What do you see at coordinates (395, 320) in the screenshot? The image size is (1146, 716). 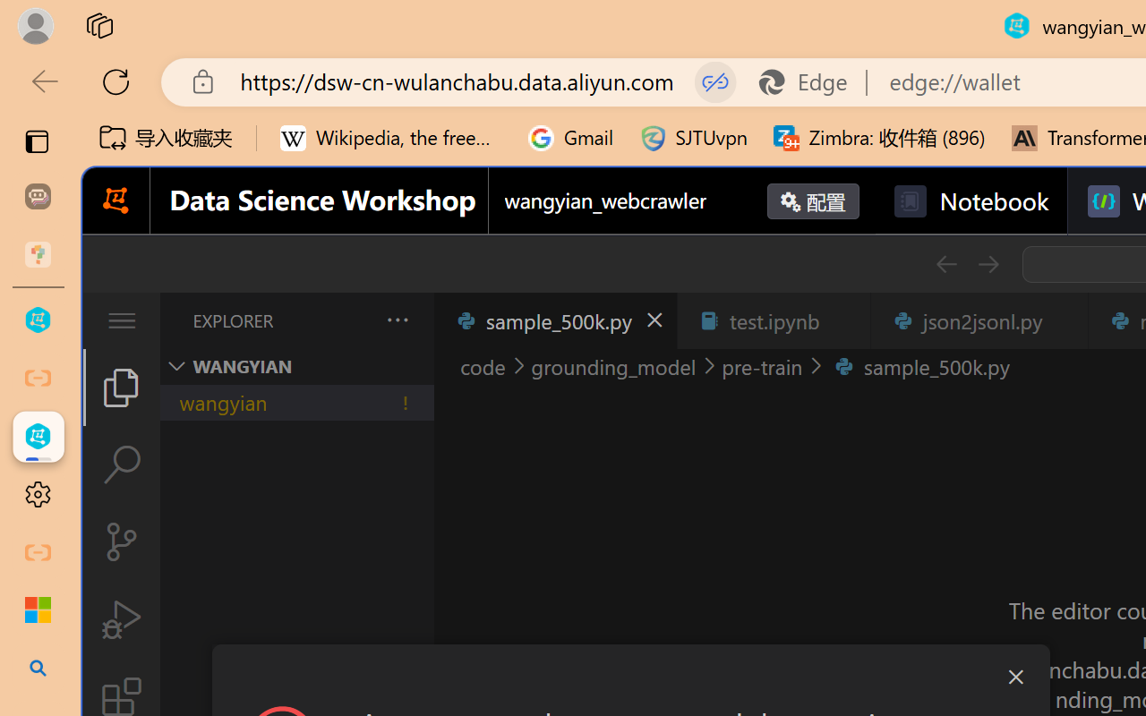 I see `'Views and More Actions...'` at bounding box center [395, 320].